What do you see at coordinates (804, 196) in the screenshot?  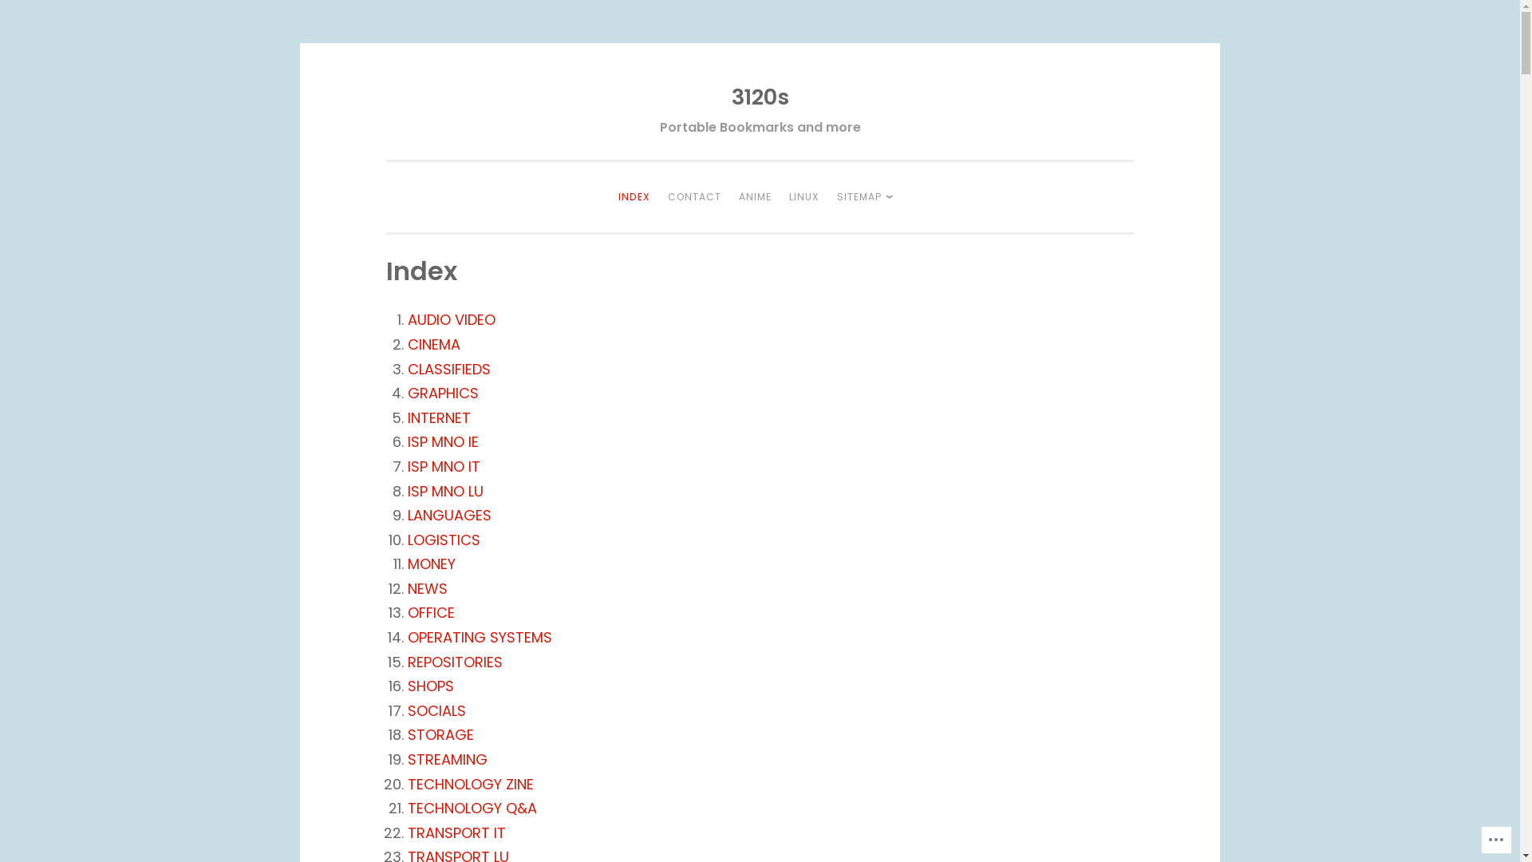 I see `'LINUX'` at bounding box center [804, 196].